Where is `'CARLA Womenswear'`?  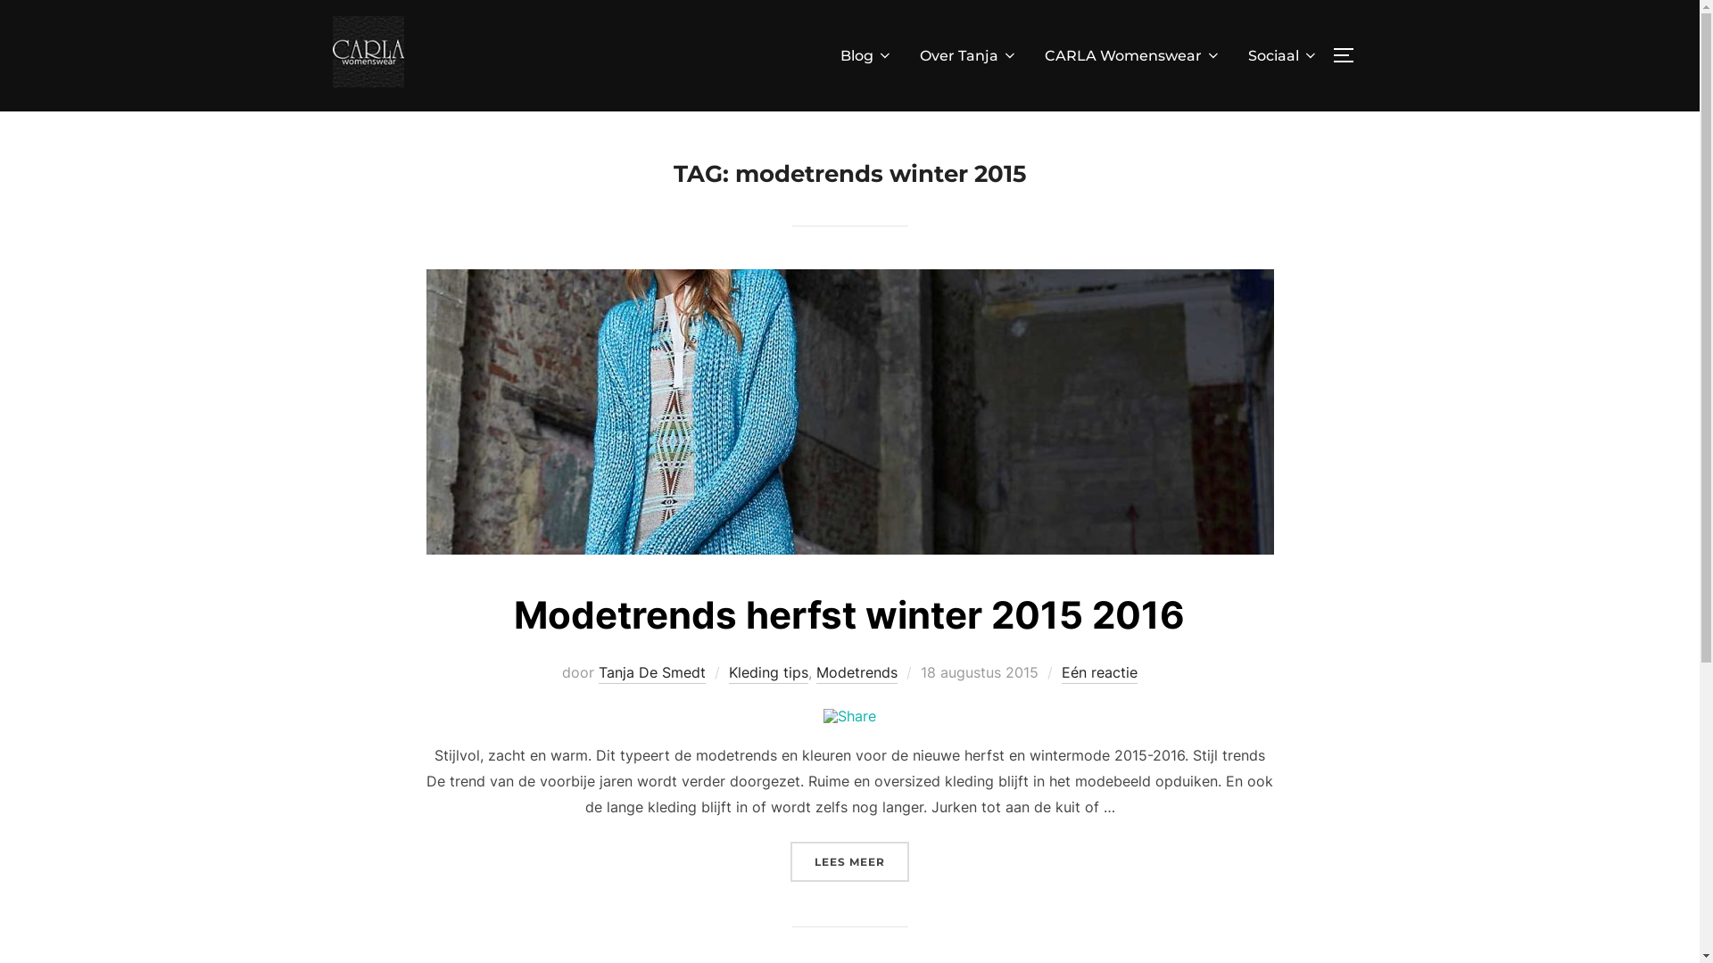 'CARLA Womenswear' is located at coordinates (1130, 54).